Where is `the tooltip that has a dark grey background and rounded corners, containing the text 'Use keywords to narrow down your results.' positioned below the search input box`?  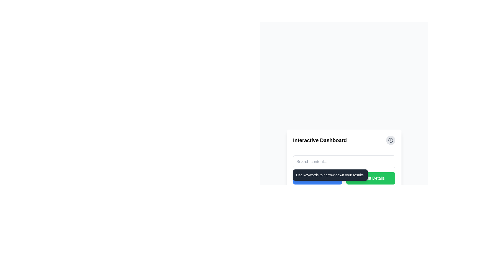
the tooltip that has a dark grey background and rounded corners, containing the text 'Use keywords to narrow down your results.' positioned below the search input box is located at coordinates (330, 175).